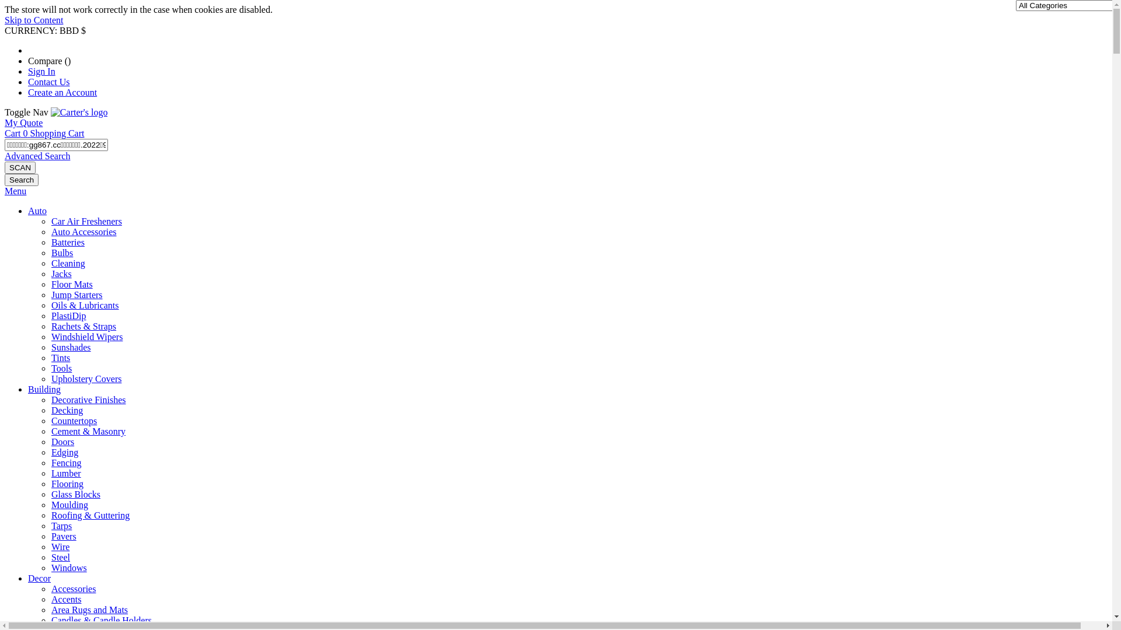  What do you see at coordinates (37, 211) in the screenshot?
I see `'Auto'` at bounding box center [37, 211].